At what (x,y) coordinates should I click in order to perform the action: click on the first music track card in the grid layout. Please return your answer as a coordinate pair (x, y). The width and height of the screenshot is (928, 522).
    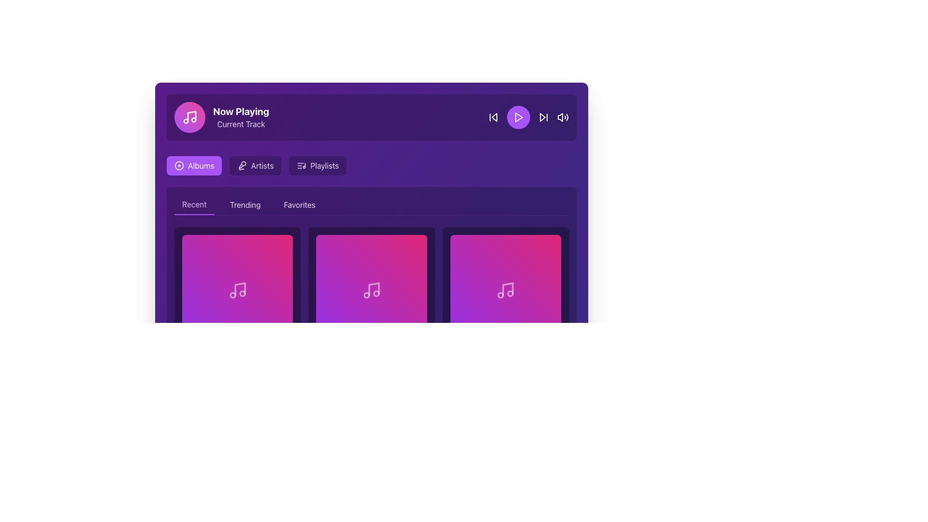
    Looking at the image, I should click on (237, 303).